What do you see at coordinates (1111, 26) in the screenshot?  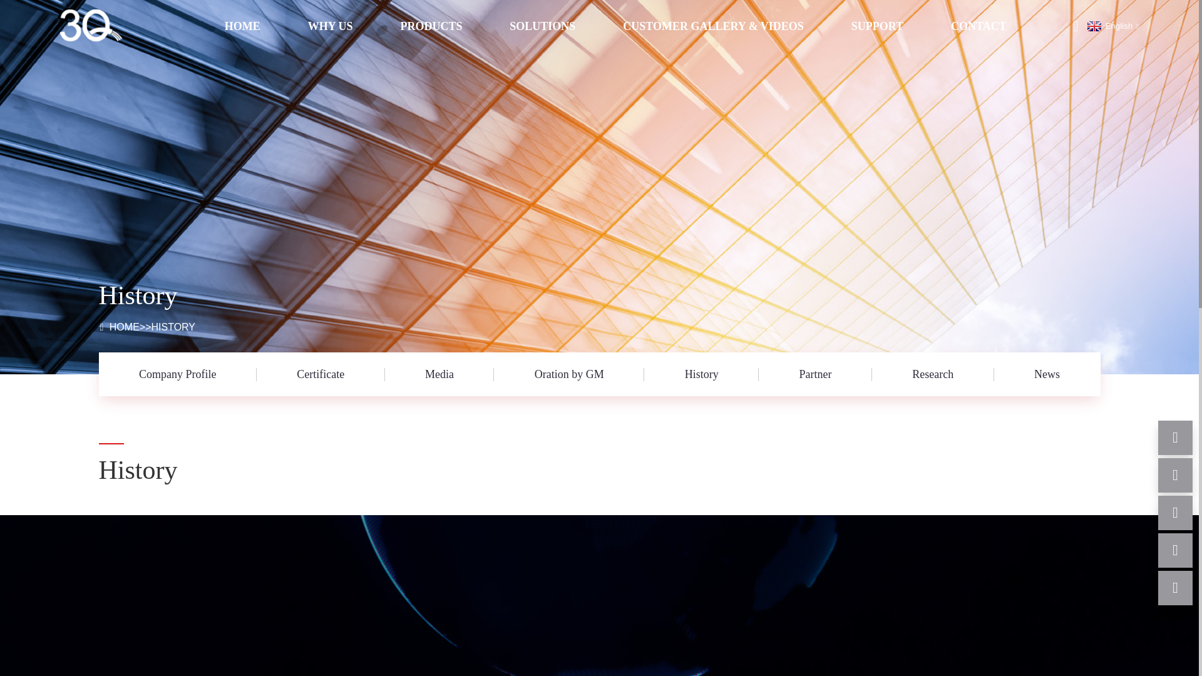 I see `'English'` at bounding box center [1111, 26].